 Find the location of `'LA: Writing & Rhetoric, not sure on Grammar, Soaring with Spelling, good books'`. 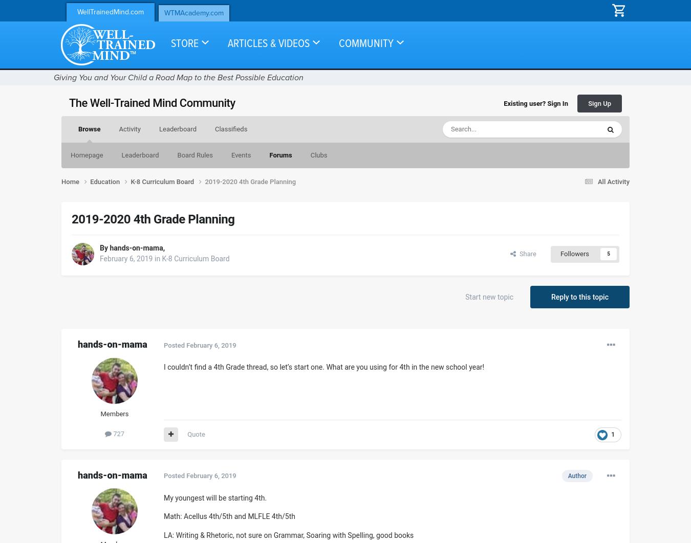

'LA: Writing & Rhetoric, not sure on Grammar, Soaring with Spelling, good books' is located at coordinates (289, 534).